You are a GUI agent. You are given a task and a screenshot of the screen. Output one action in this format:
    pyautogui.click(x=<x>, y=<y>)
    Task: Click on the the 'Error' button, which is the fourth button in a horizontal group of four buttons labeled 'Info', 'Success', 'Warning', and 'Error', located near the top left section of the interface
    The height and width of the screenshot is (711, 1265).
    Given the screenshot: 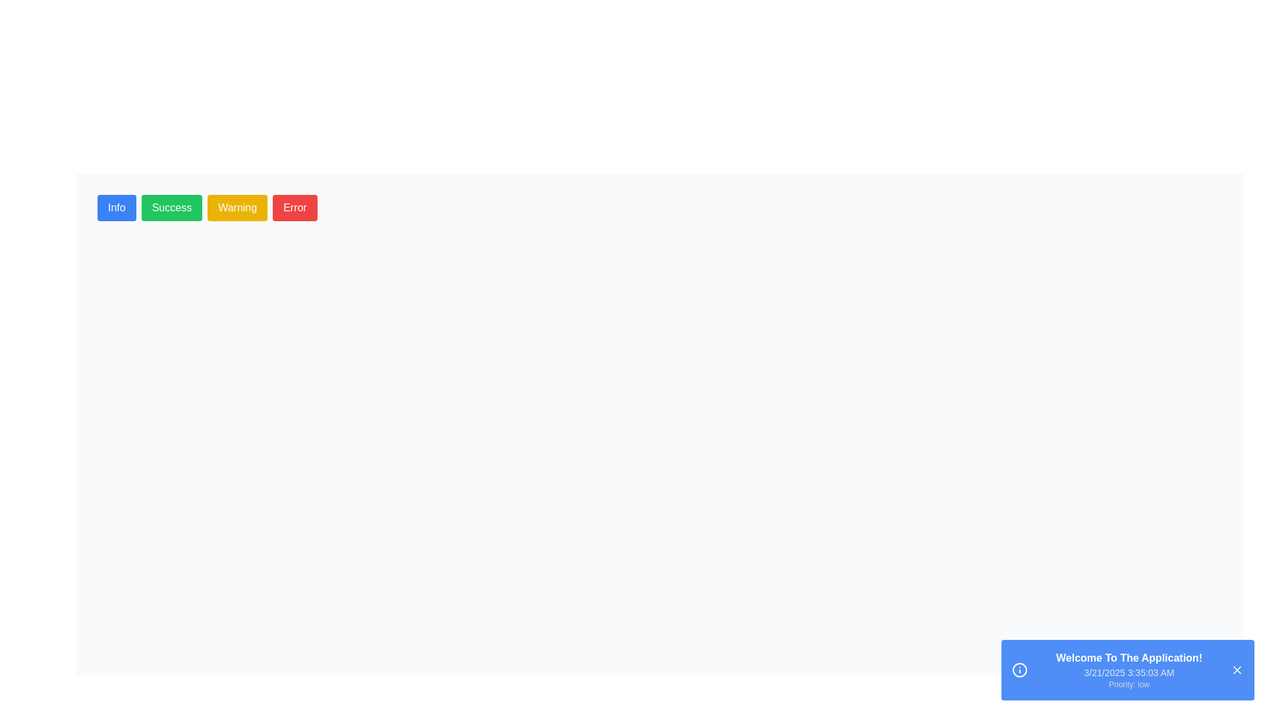 What is the action you would take?
    pyautogui.click(x=294, y=207)
    